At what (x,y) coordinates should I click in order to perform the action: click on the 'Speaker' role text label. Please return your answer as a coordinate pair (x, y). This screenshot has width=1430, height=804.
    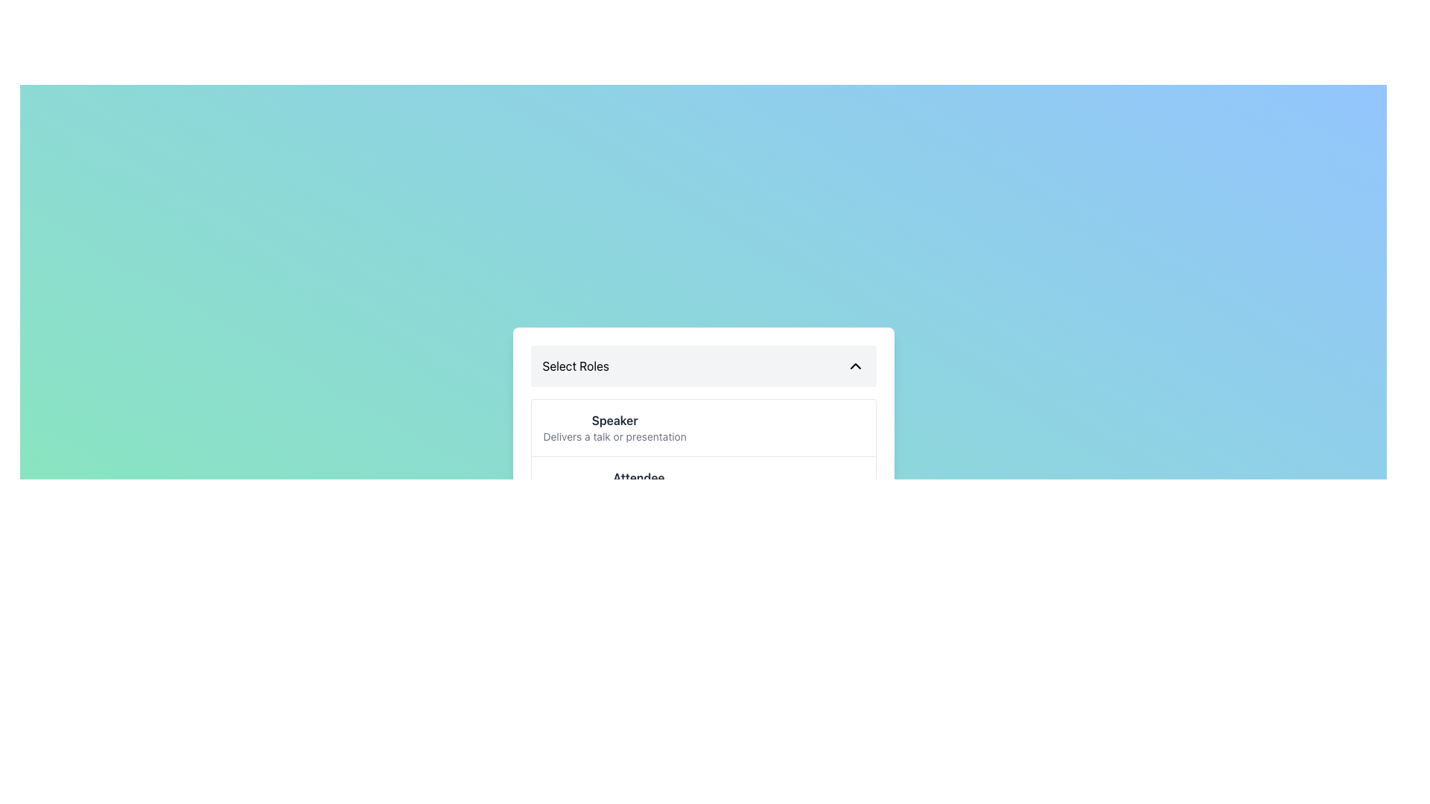
    Looking at the image, I should click on (614, 427).